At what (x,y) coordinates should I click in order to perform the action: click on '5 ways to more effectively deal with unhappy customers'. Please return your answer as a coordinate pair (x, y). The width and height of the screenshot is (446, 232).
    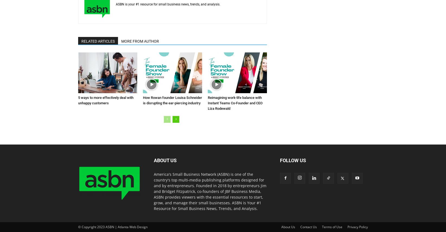
    Looking at the image, I should click on (105, 100).